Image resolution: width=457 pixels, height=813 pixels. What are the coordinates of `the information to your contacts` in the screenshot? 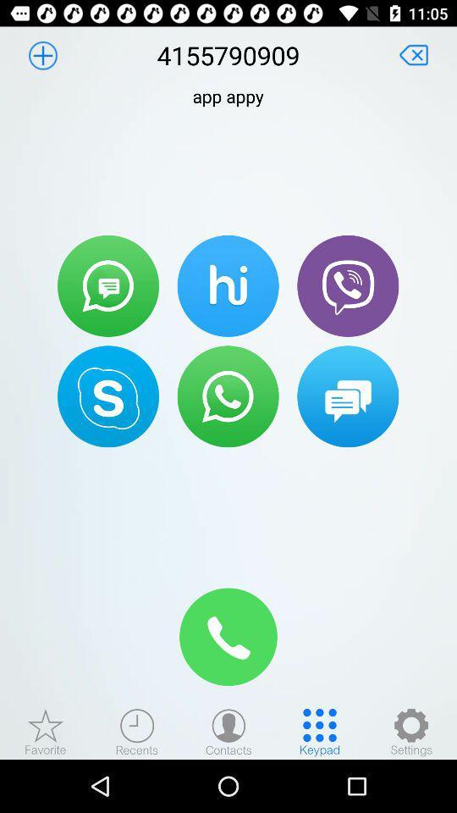 It's located at (42, 55).